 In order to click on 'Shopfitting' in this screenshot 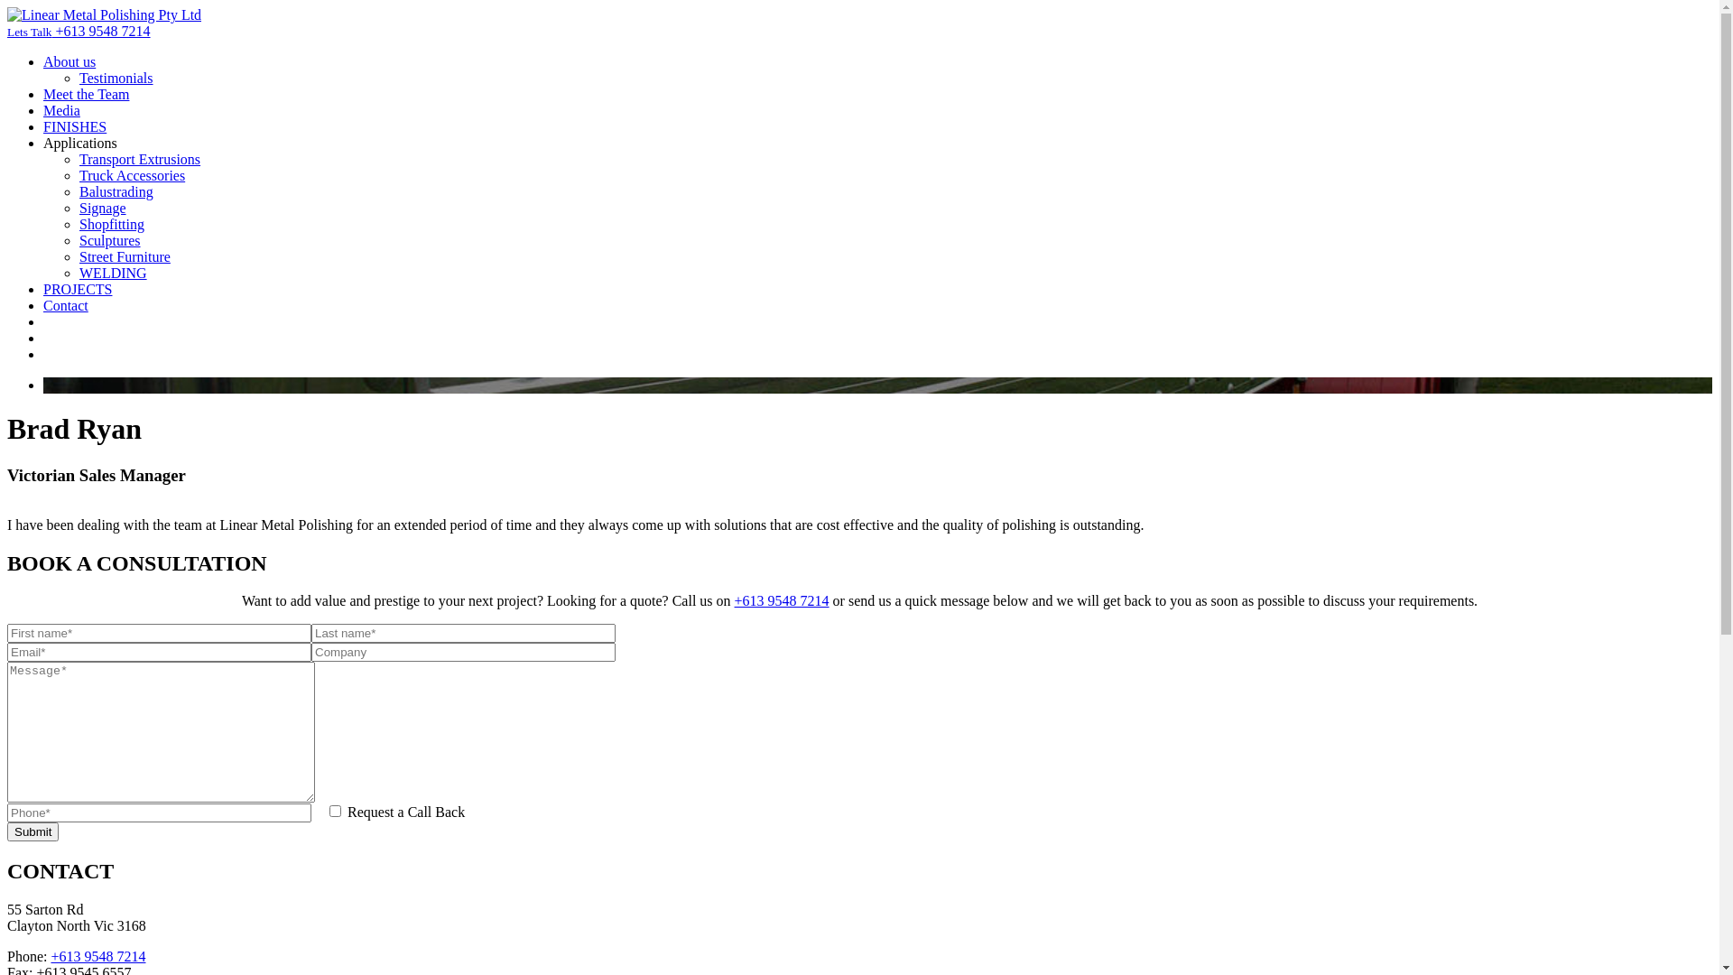, I will do `click(111, 223)`.